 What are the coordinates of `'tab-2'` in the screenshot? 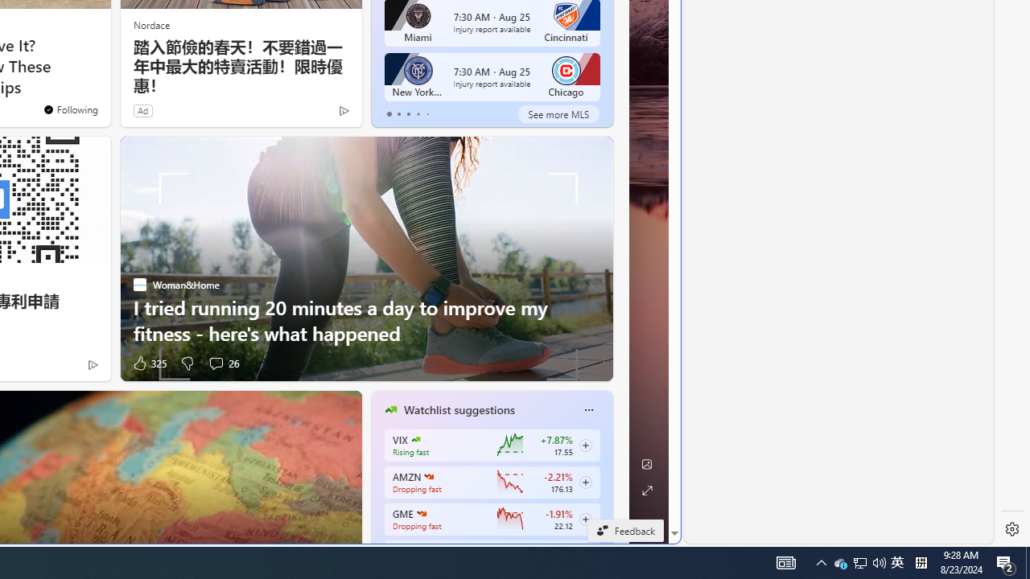 It's located at (408, 113).